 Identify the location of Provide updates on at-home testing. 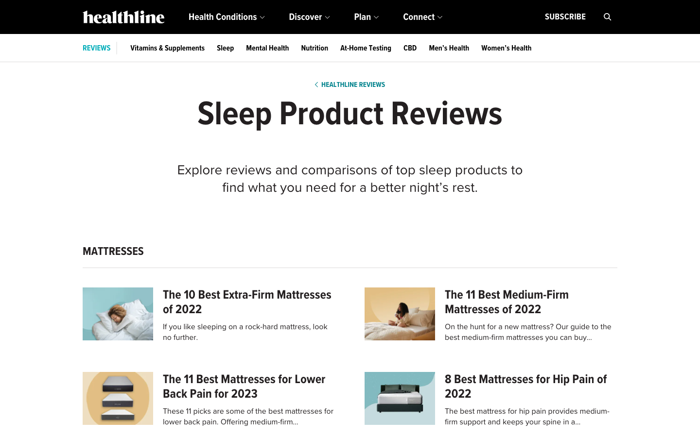
(365, 48).